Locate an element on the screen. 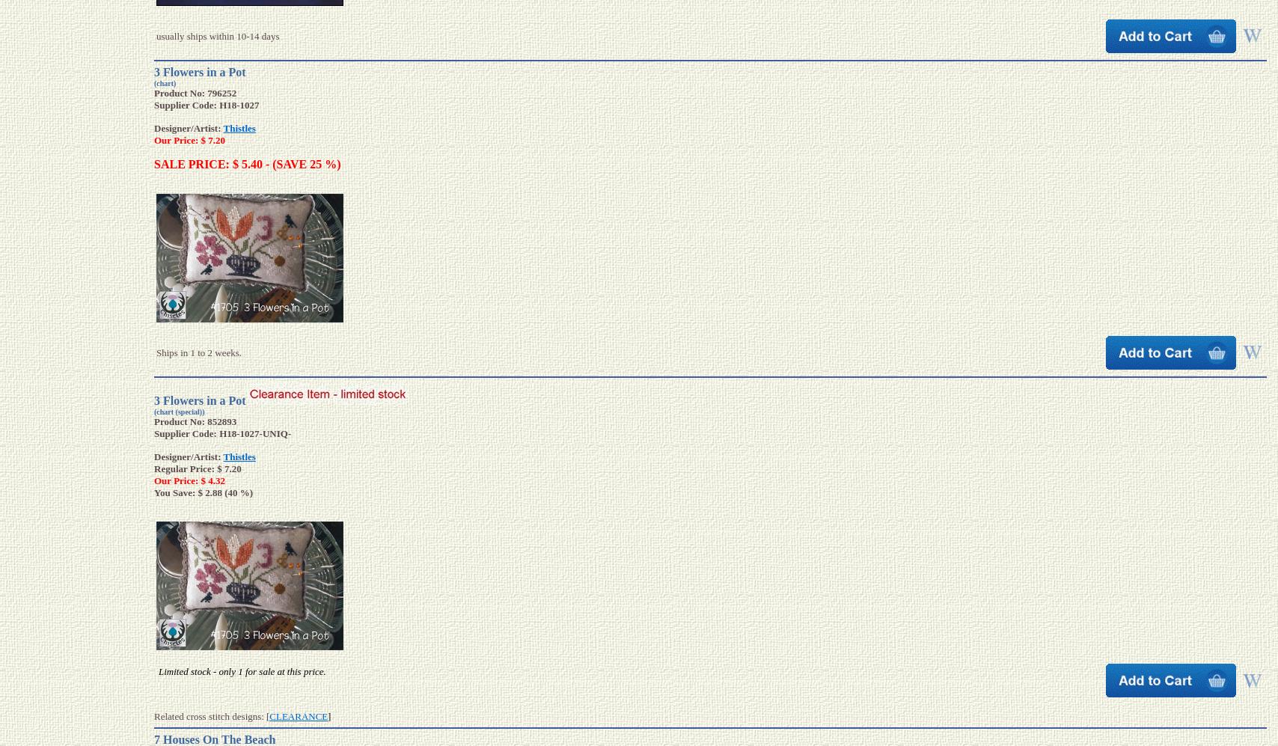 The width and height of the screenshot is (1278, 746). 'Our Price: $ 7.20' is located at coordinates (189, 139).